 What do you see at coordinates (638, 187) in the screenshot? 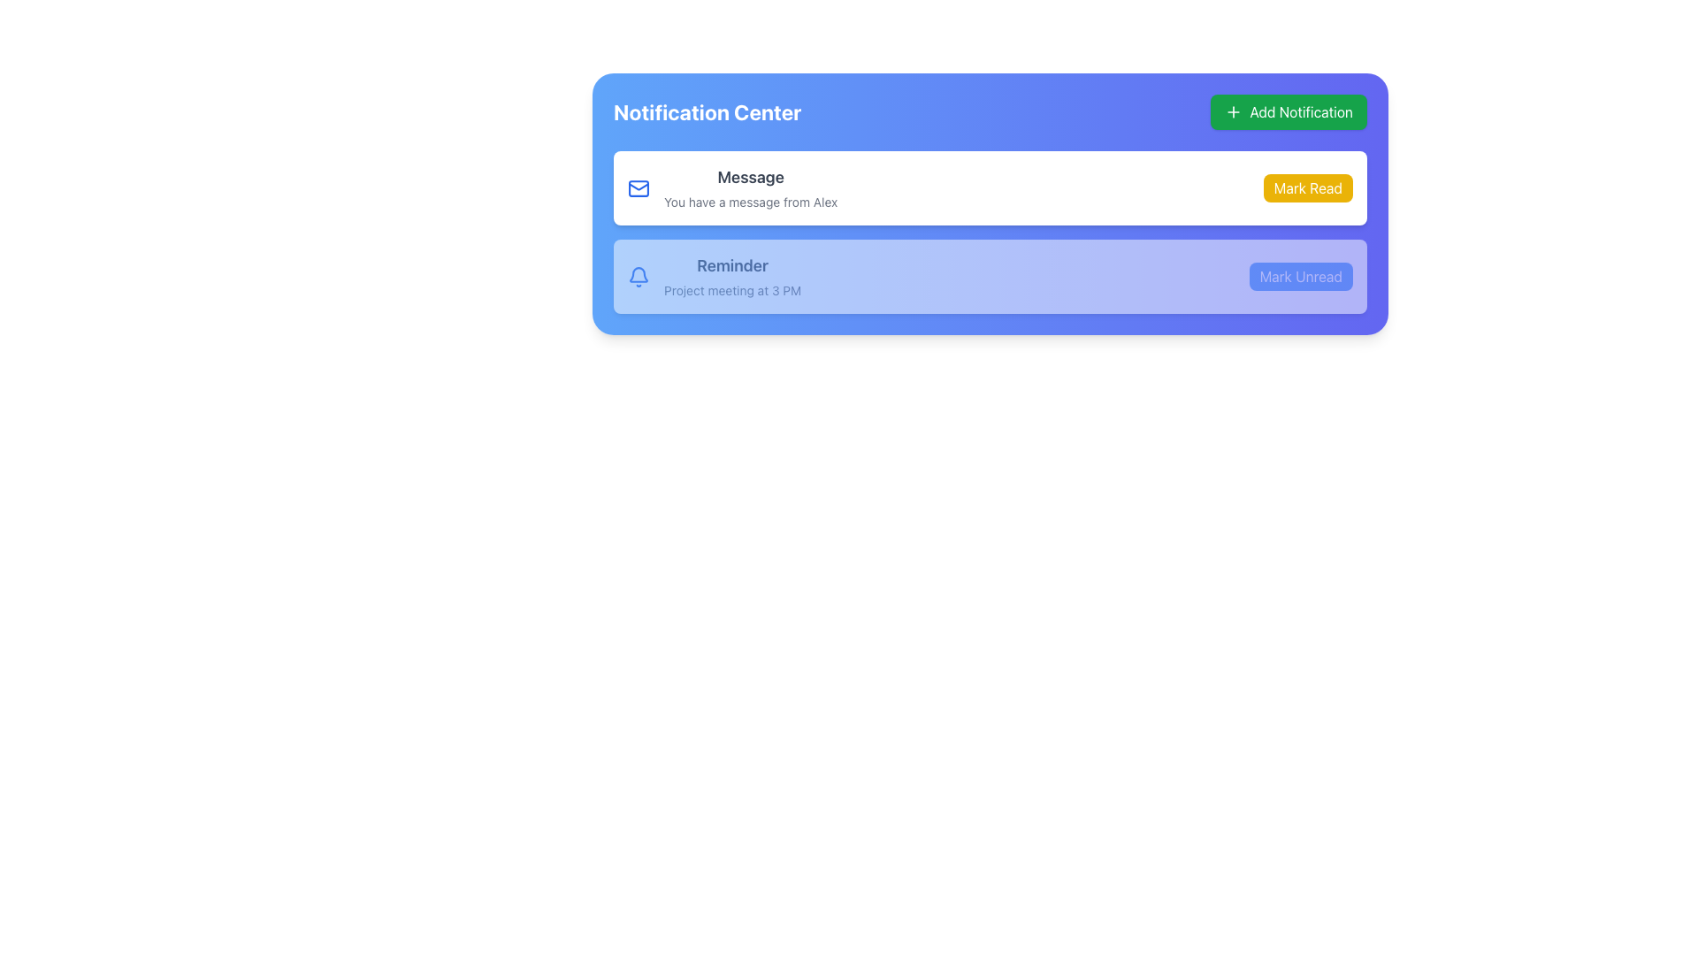
I see `the messaging/email notification icon located in the top-left corner of the notification card, adjacent to the text 'Message'` at bounding box center [638, 187].